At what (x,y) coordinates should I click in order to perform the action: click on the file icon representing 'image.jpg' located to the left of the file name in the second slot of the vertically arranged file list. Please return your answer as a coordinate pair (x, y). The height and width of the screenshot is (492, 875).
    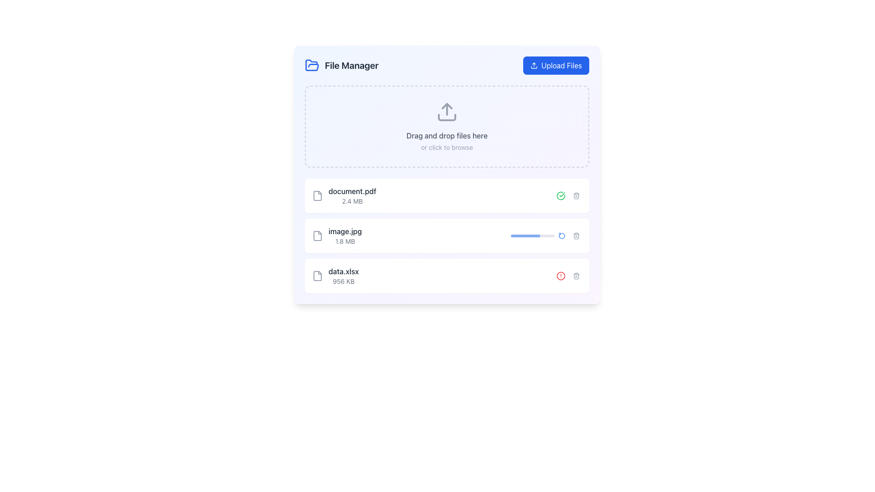
    Looking at the image, I should click on (317, 235).